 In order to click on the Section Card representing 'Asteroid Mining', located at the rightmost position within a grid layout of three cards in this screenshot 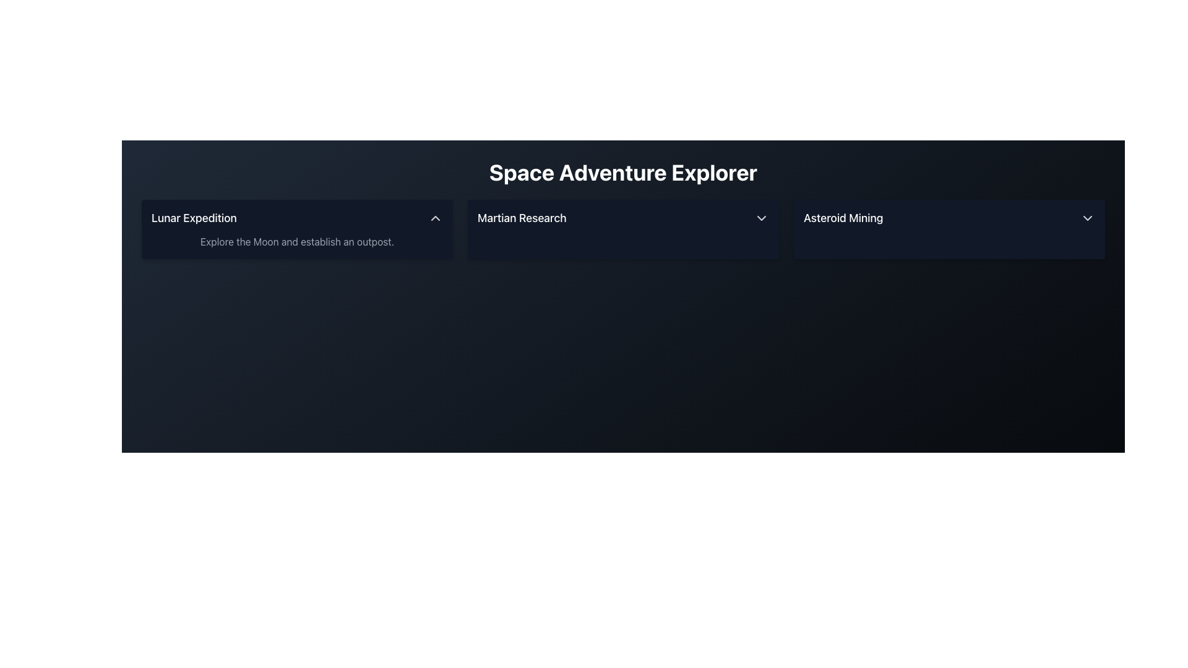, I will do `click(949, 229)`.